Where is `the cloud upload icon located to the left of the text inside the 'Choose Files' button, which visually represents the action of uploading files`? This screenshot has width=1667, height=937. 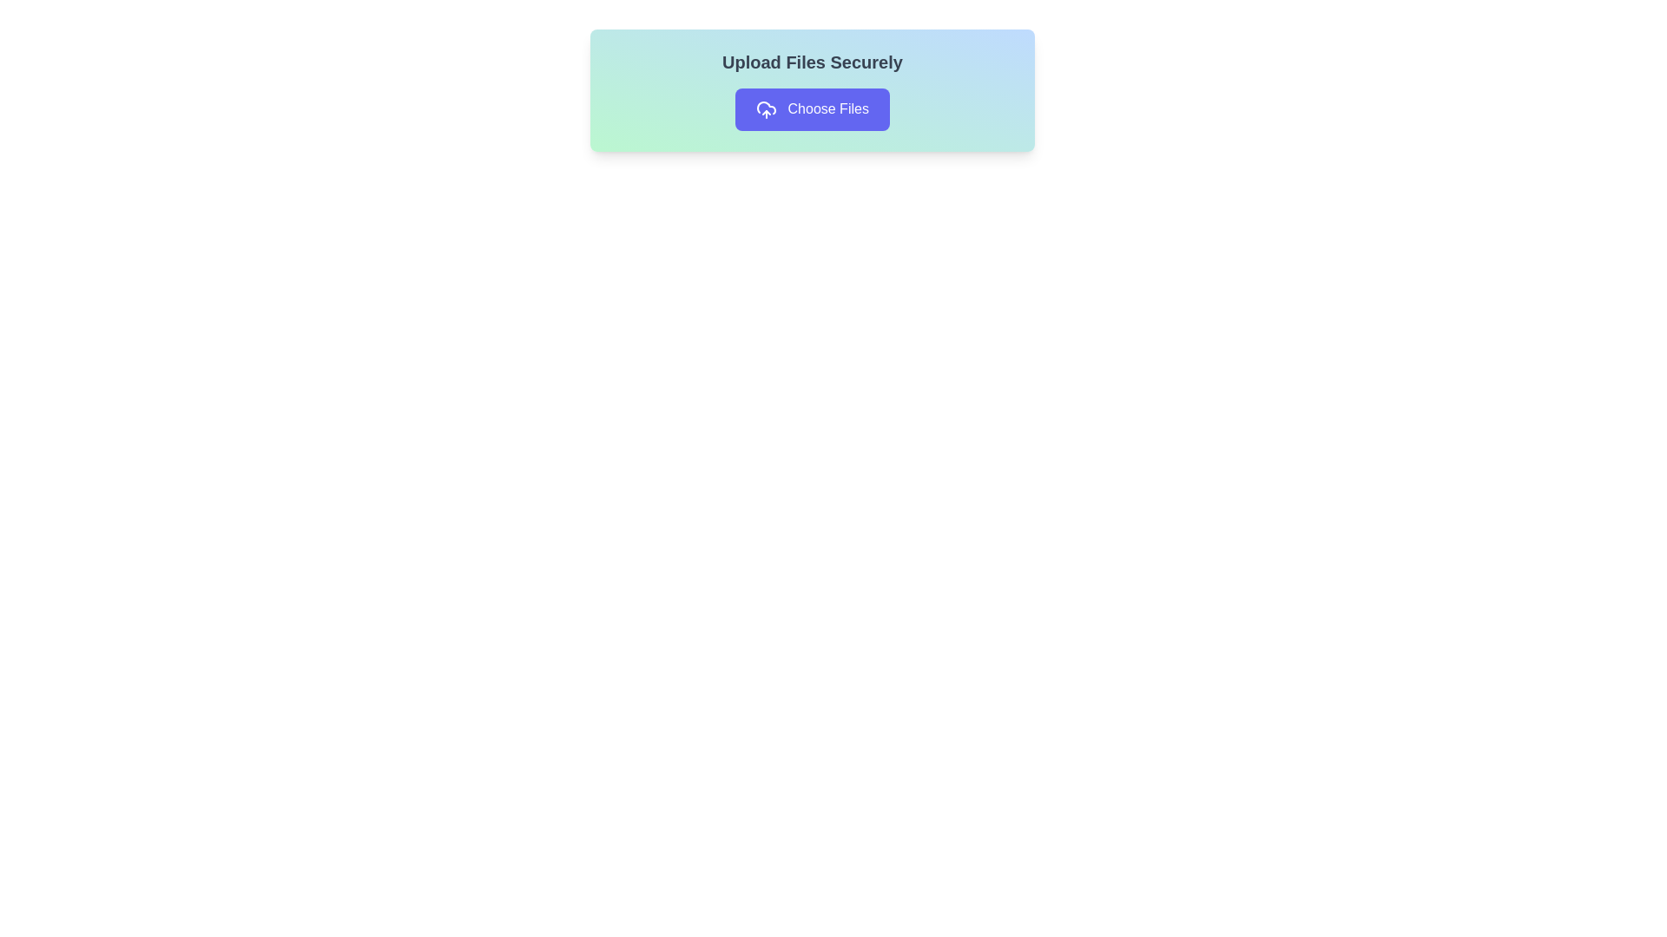
the cloud upload icon located to the left of the text inside the 'Choose Files' button, which visually represents the action of uploading files is located at coordinates (766, 109).